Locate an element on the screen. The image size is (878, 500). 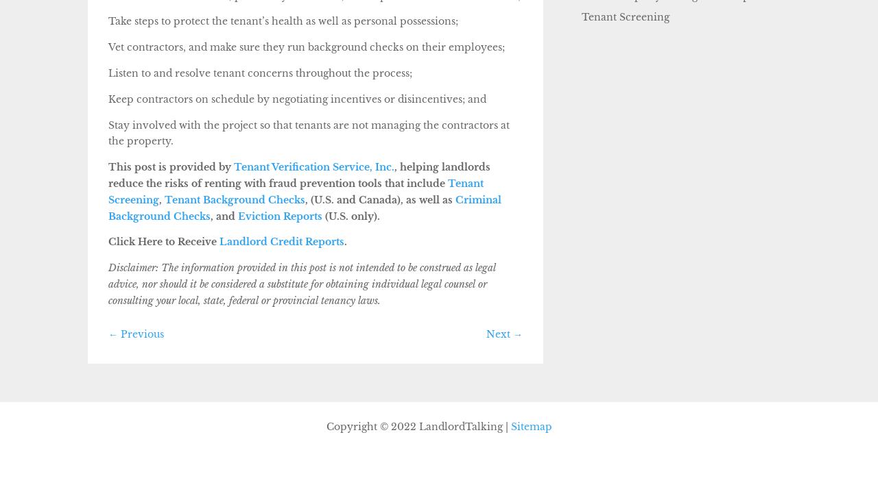
'Stay involved with the project so that tenants are not managing the contractors at the property.' is located at coordinates (308, 133).